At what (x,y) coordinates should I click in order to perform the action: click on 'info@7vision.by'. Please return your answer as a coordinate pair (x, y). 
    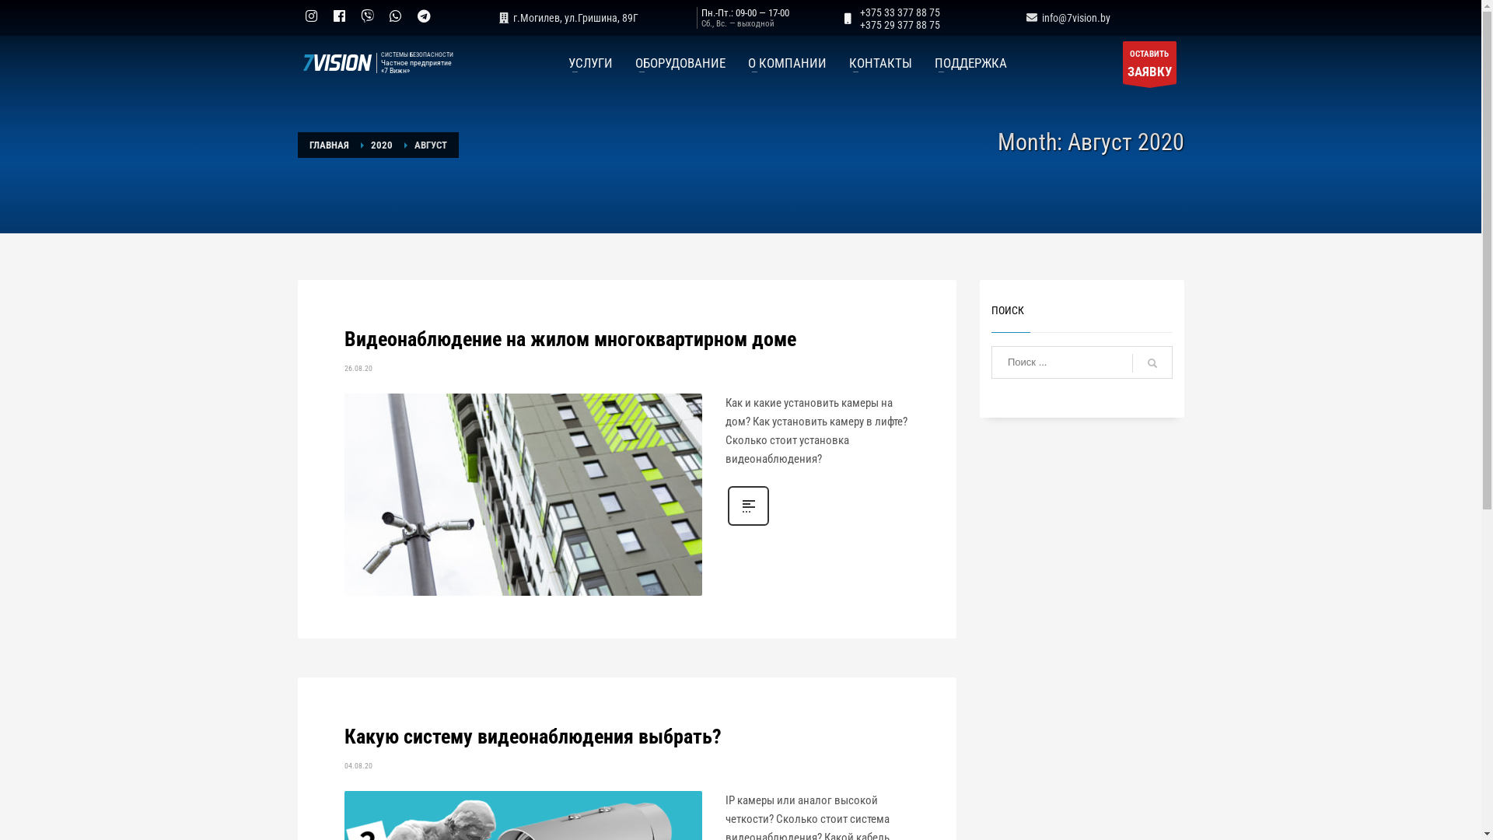
    Looking at the image, I should click on (1065, 18).